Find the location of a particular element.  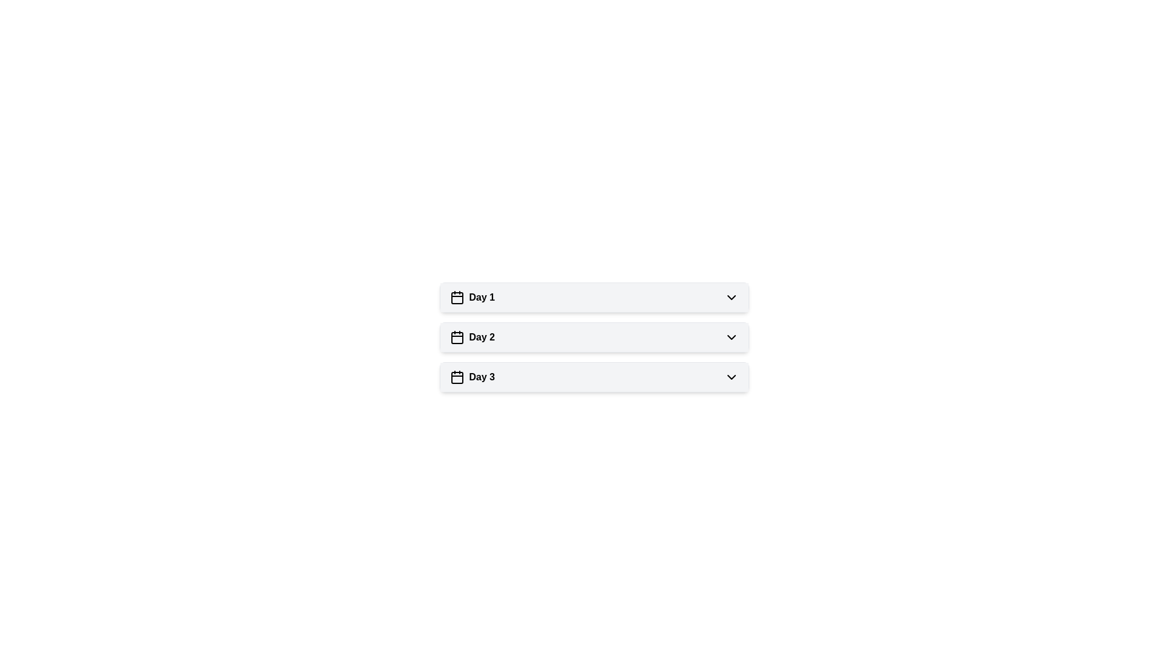

to select 'Day 2' from the interactive list item located in the middle of the vertical list, below 'Day 1' and above 'Day 3' is located at coordinates (594, 337).